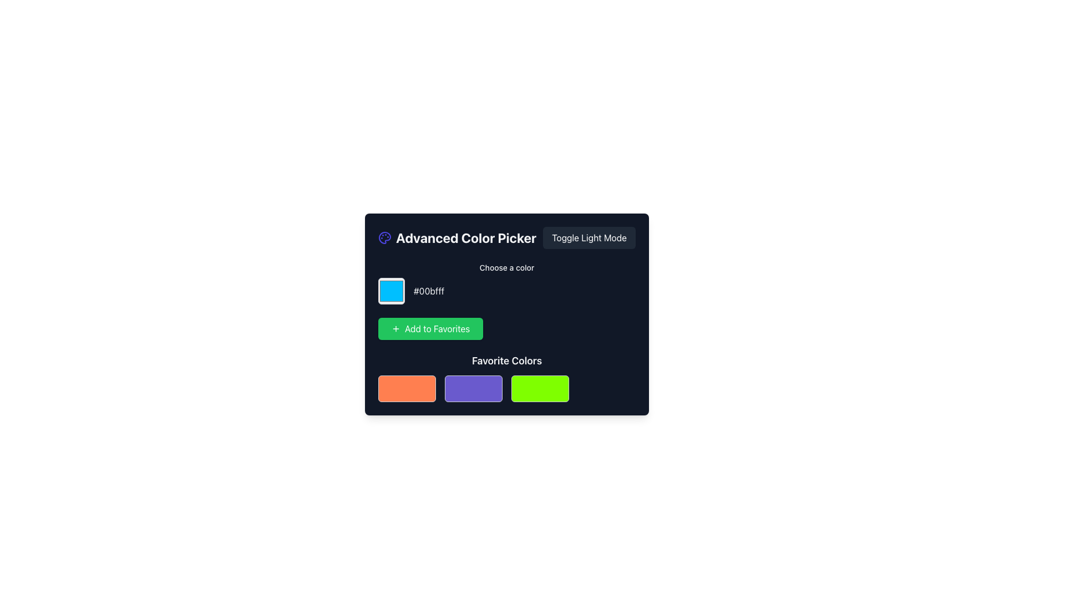  I want to click on the toggle button located next to the title 'Advanced Color Picker' to switch the interface to light mode, so click(589, 237).